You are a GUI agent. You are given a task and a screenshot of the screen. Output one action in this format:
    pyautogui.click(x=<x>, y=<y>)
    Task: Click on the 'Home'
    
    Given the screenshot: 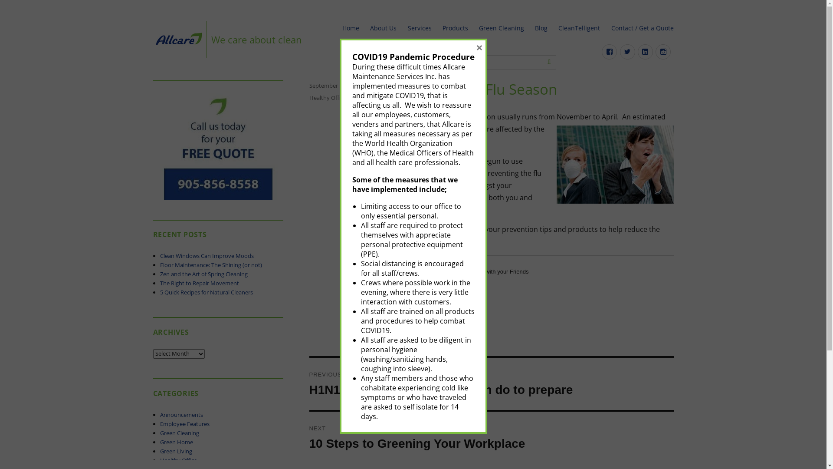 What is the action you would take?
    pyautogui.click(x=337, y=28)
    